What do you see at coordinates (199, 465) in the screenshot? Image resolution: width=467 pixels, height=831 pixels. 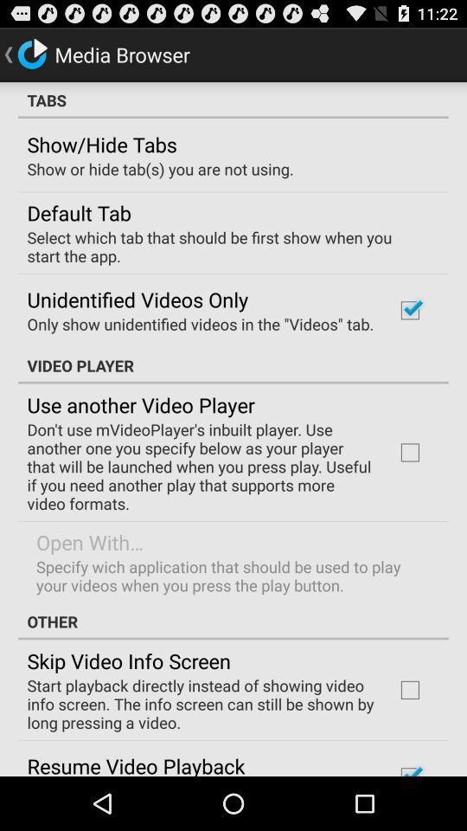 I see `the don t use icon` at bounding box center [199, 465].